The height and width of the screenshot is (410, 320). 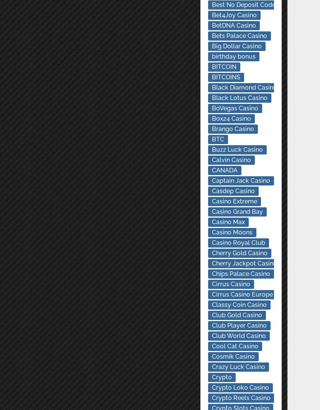 I want to click on 'Cherry Gold Casino', so click(x=239, y=253).